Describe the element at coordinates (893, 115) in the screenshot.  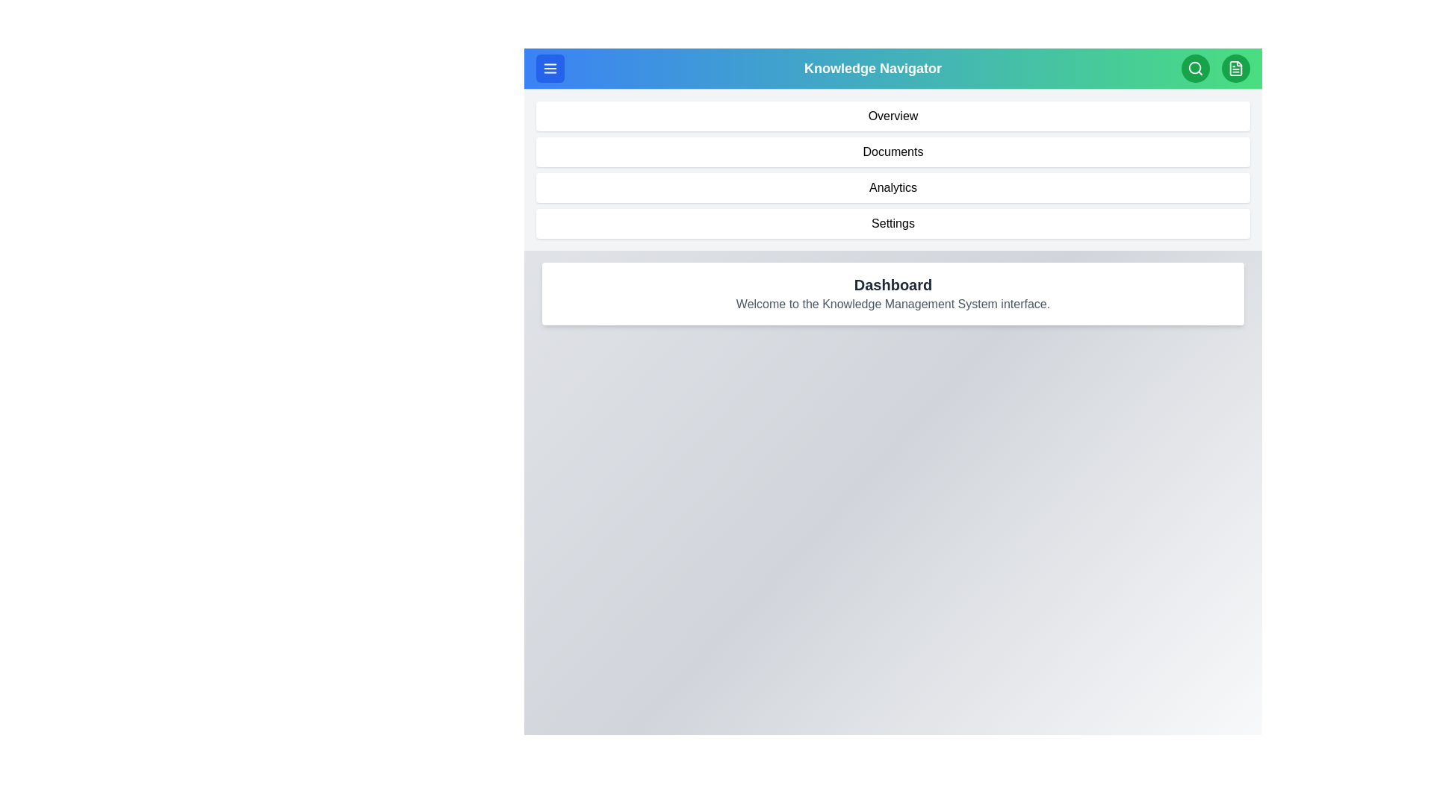
I see `the 'Overview' menu item in the navigation menu` at that location.